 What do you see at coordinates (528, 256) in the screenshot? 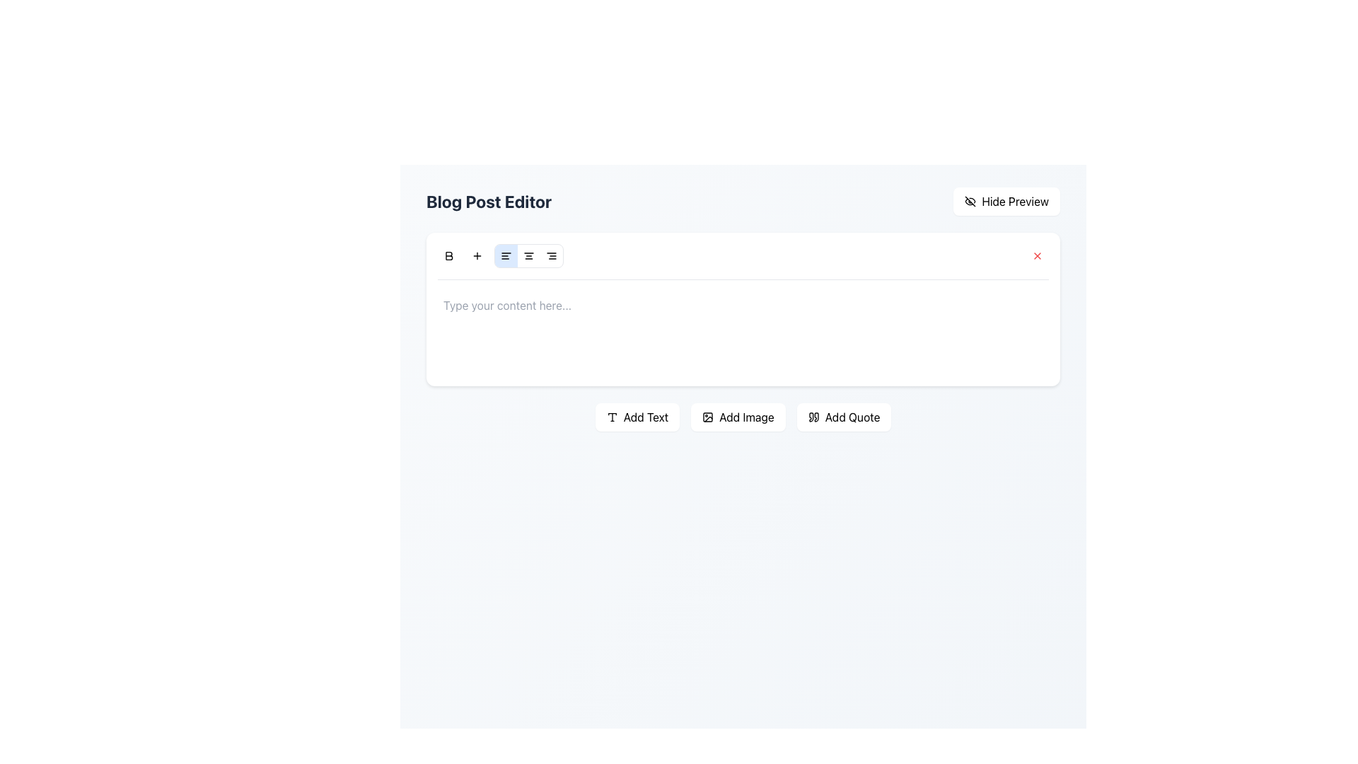
I see `the center alignment button in the toolbar for text adjustment` at bounding box center [528, 256].